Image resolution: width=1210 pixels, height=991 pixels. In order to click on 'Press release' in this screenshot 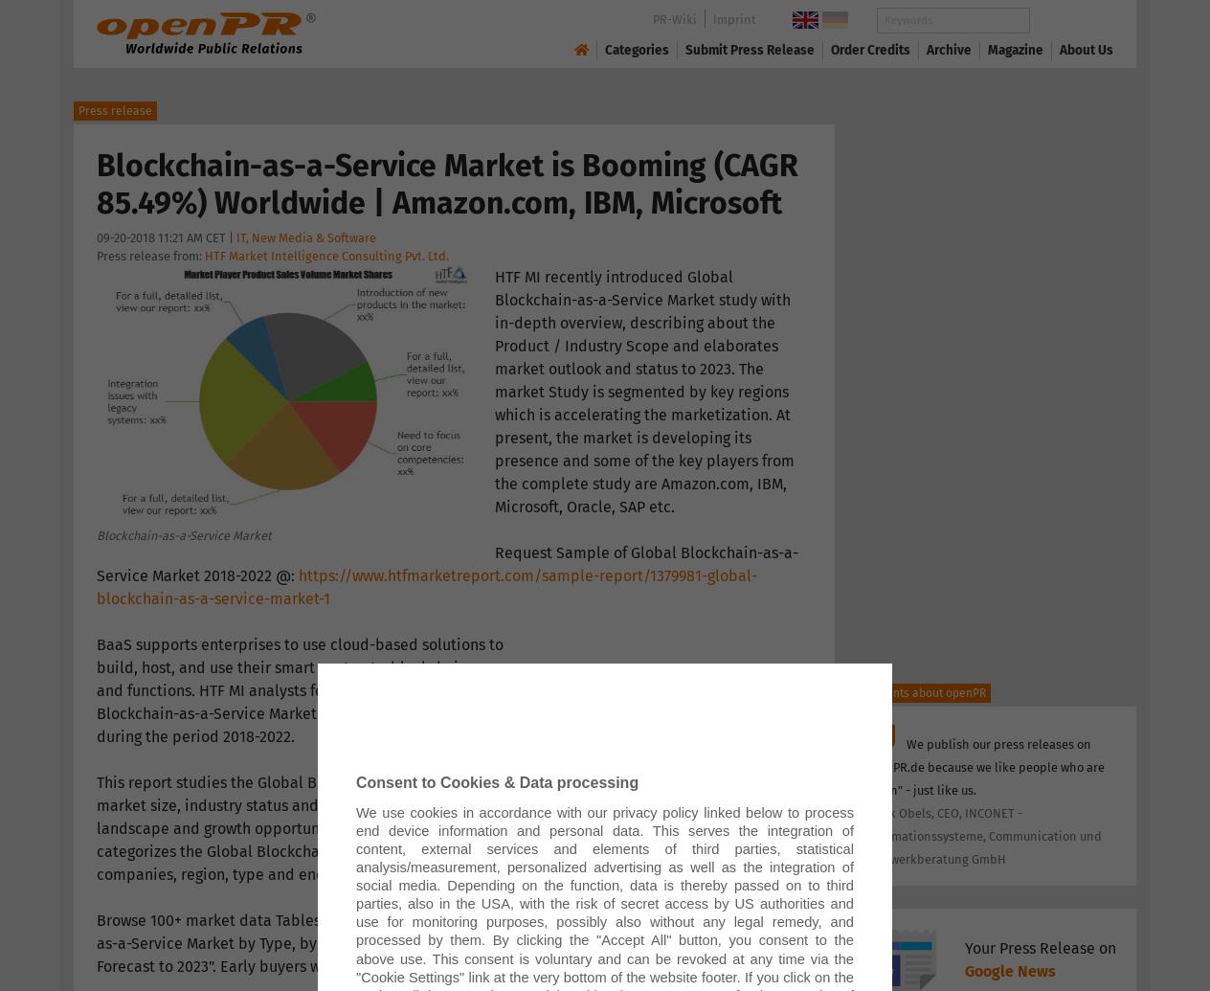, I will do `click(113, 111)`.